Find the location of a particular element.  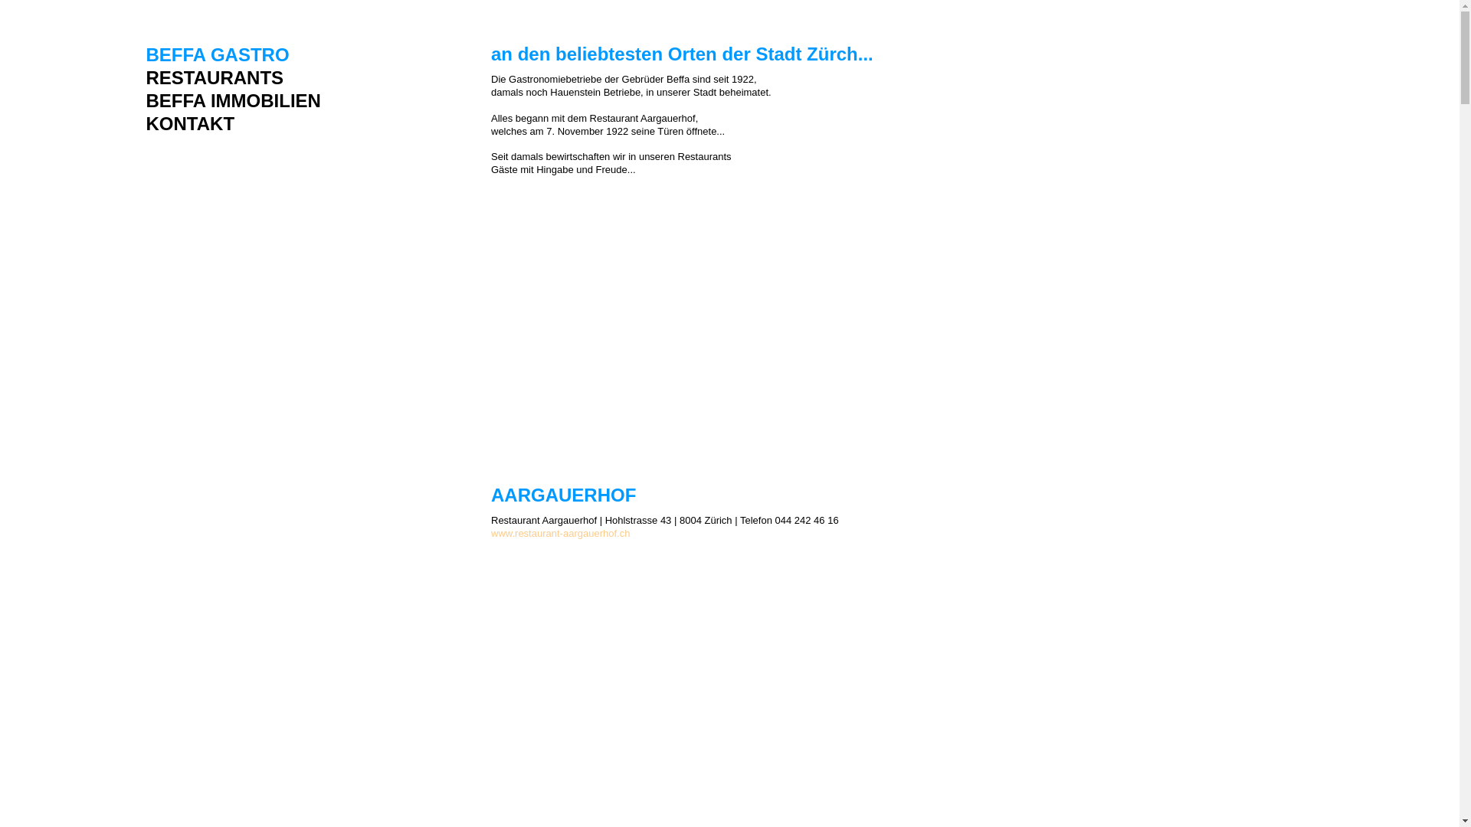

'BEFFA GASTRO' is located at coordinates (231, 54).